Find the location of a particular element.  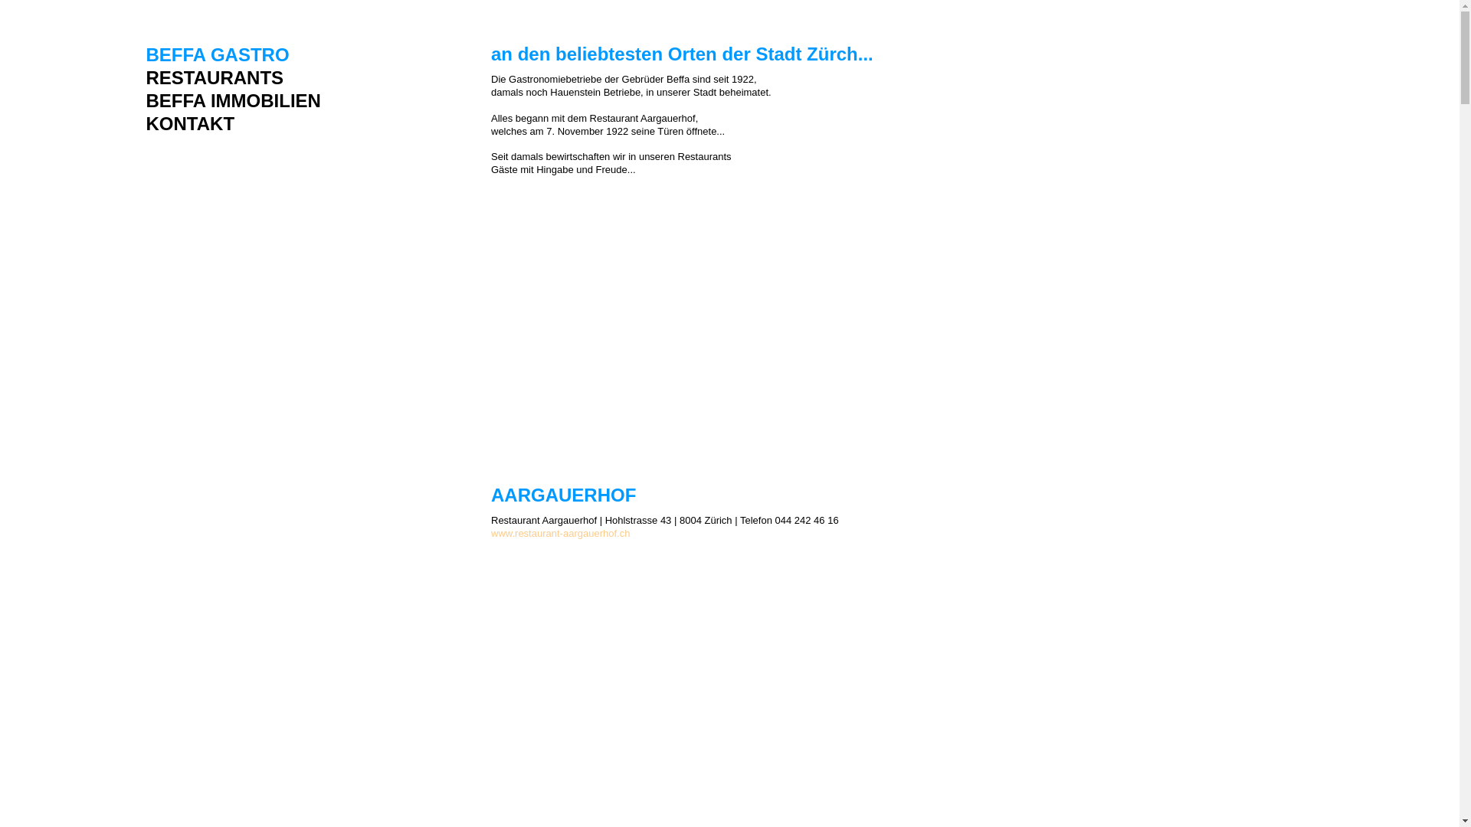

'BEFFA GASTRO' is located at coordinates (231, 54).